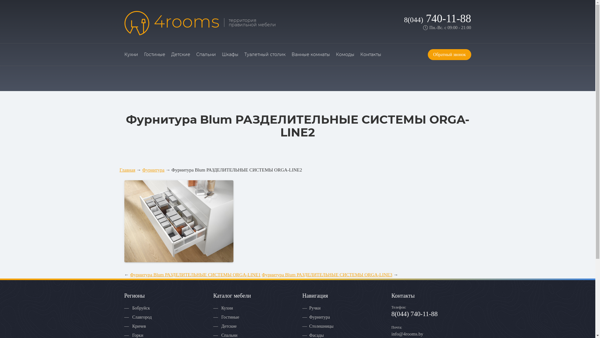 This screenshot has width=600, height=338. Describe the element at coordinates (172, 23) in the screenshot. I see `'4rooms'` at that location.